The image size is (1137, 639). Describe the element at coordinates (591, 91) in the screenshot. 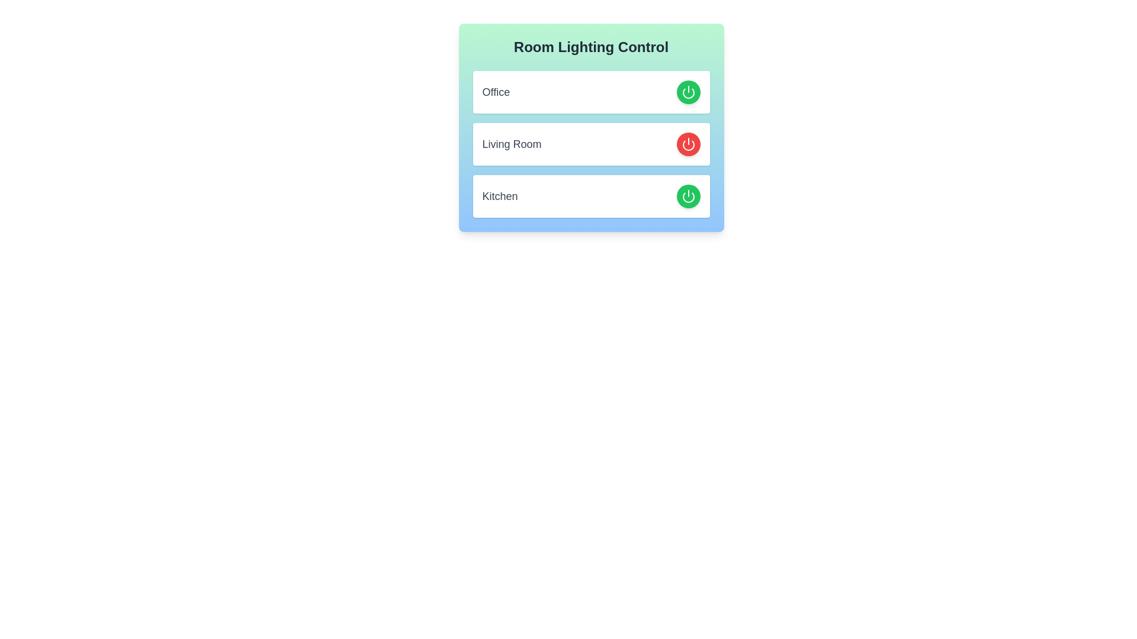

I see `the room entry Office to observe the hover effect` at that location.